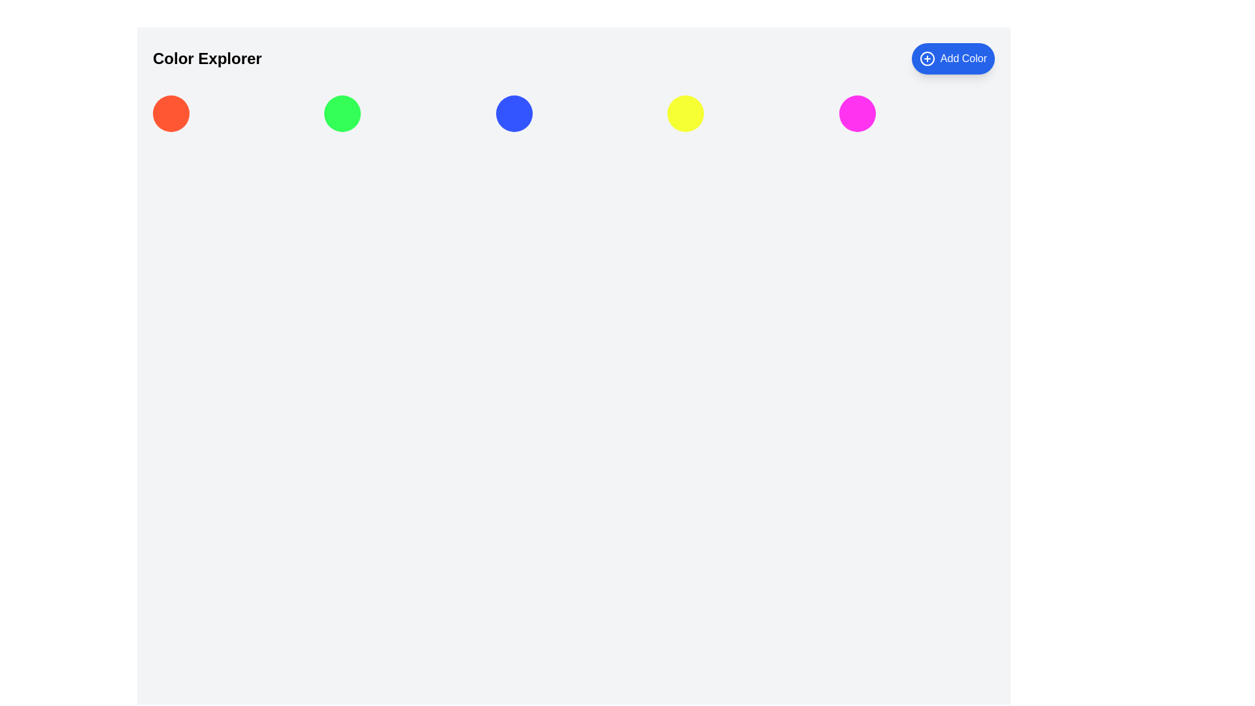 The height and width of the screenshot is (706, 1255). I want to click on the solid orange circular Visual Indicator located in the grid display of colors, so click(171, 112).